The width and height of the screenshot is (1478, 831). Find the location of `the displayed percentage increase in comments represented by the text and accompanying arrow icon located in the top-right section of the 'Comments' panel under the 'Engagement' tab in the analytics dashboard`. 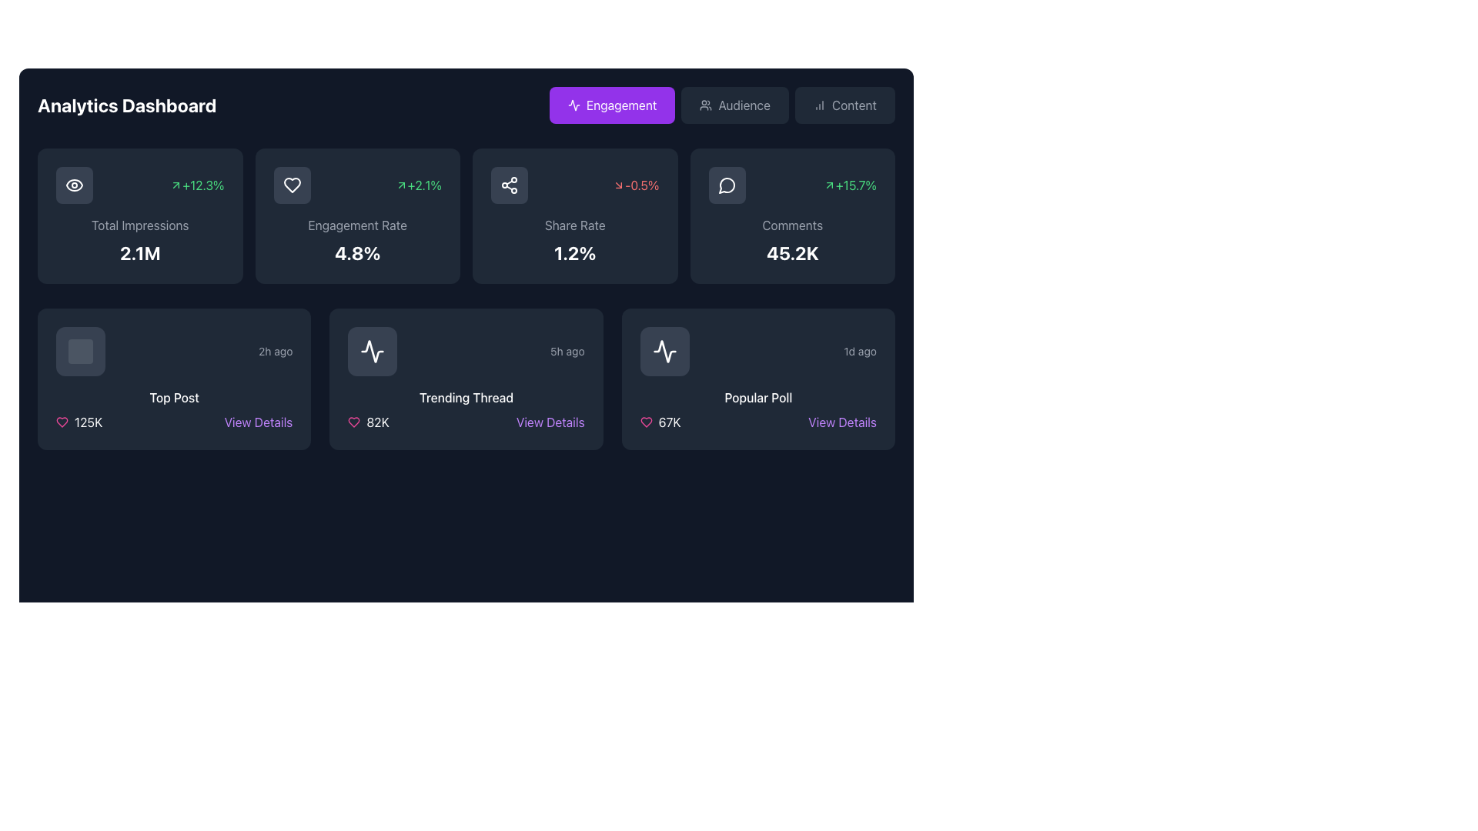

the displayed percentage increase in comments represented by the text and accompanying arrow icon located in the top-right section of the 'Comments' panel under the 'Engagement' tab in the analytics dashboard is located at coordinates (849, 184).